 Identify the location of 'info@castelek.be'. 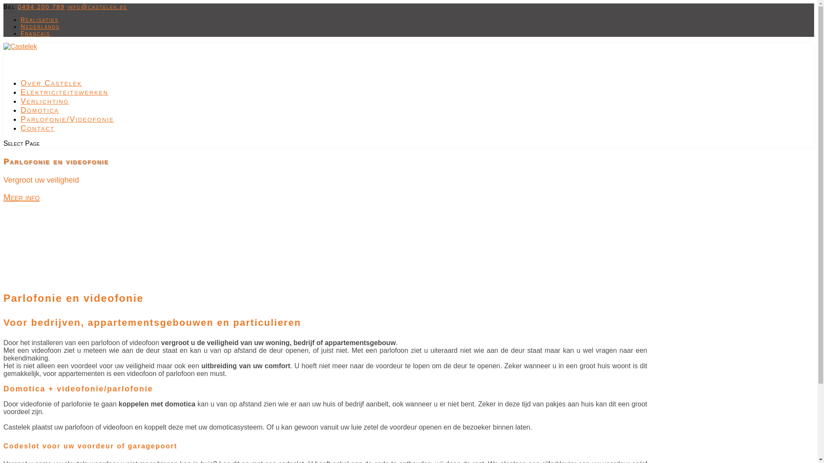
(67, 6).